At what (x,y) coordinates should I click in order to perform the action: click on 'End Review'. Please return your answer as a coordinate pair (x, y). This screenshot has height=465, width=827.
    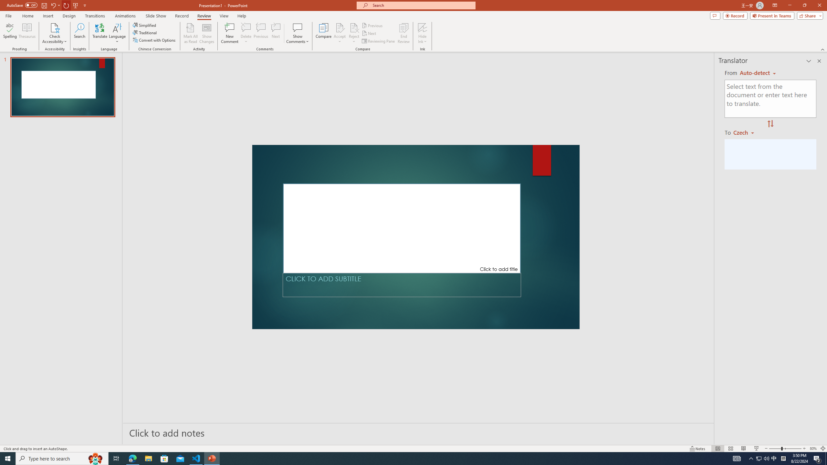
    Looking at the image, I should click on (403, 33).